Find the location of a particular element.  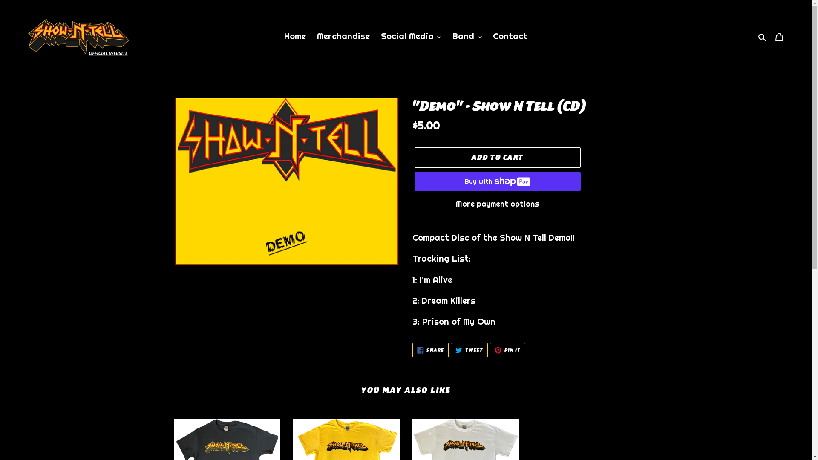

'Home' is located at coordinates (295, 35).